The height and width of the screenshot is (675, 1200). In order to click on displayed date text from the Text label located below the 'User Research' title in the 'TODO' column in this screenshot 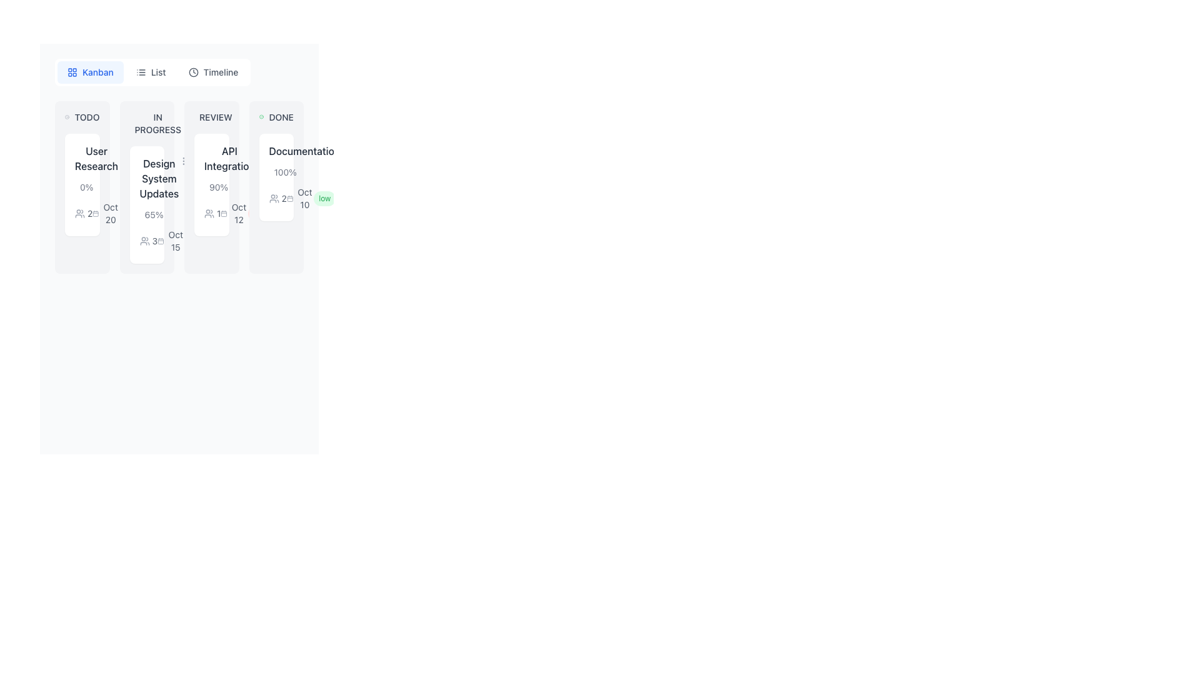, I will do `click(111, 213)`.